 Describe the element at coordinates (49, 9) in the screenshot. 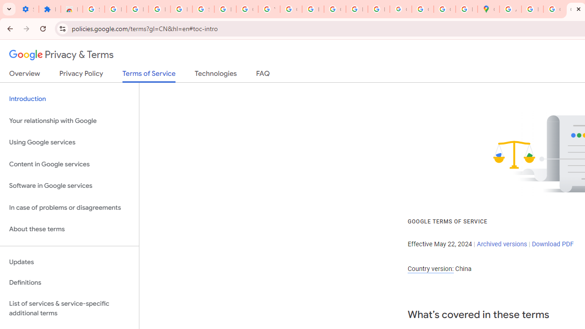

I see `'Extensions'` at that location.